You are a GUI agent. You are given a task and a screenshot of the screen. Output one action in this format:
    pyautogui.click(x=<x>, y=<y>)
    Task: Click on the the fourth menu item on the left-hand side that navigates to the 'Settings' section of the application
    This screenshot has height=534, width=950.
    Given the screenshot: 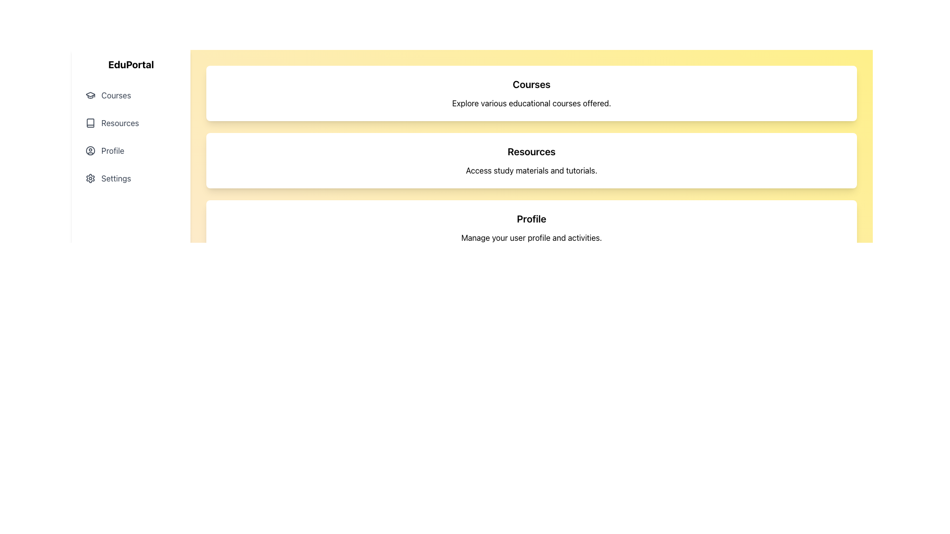 What is the action you would take?
    pyautogui.click(x=130, y=178)
    